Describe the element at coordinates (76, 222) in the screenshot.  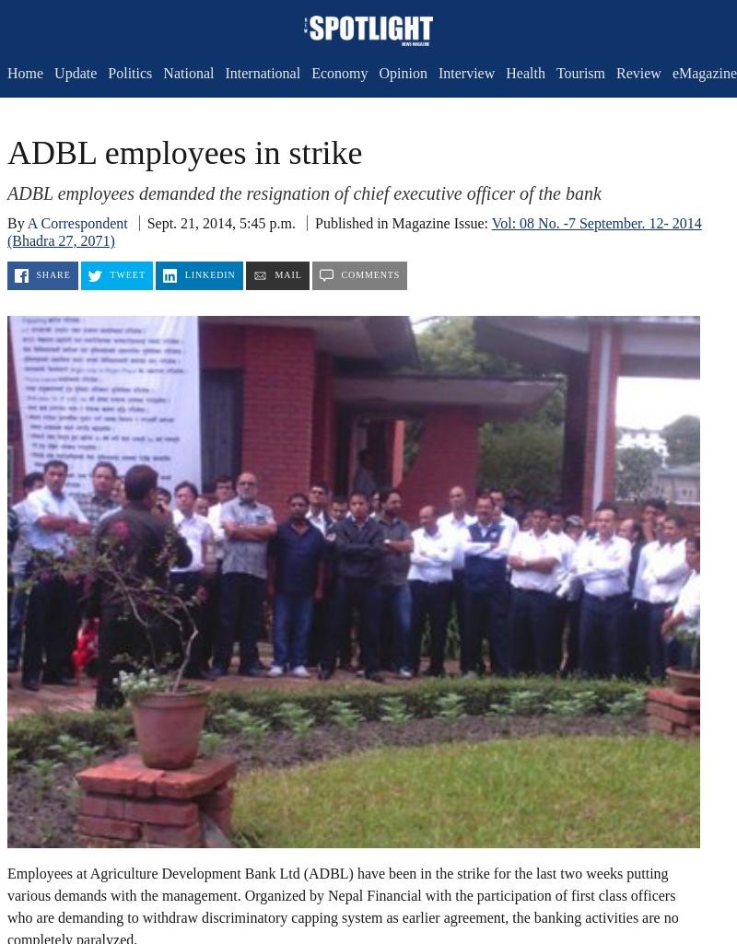
I see `'A Correspondent'` at that location.